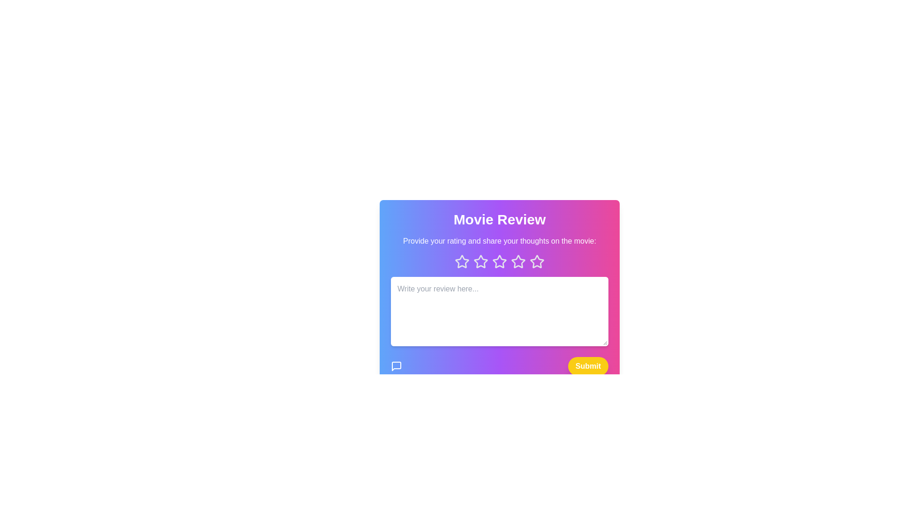  Describe the element at coordinates (462, 262) in the screenshot. I see `the star icon corresponding to 1 to preview the rating` at that location.